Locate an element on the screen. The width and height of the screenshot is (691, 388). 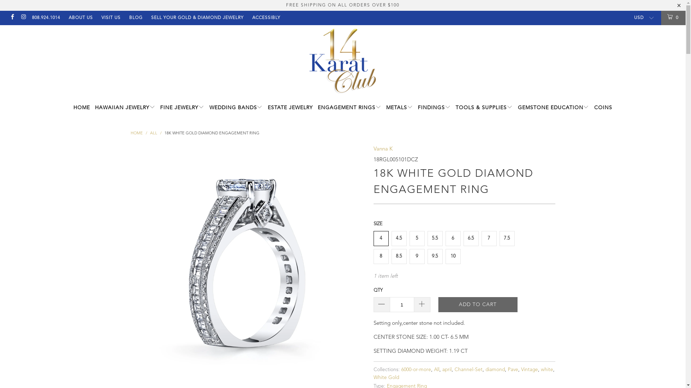
'FINE JEWELRY' is located at coordinates (182, 108).